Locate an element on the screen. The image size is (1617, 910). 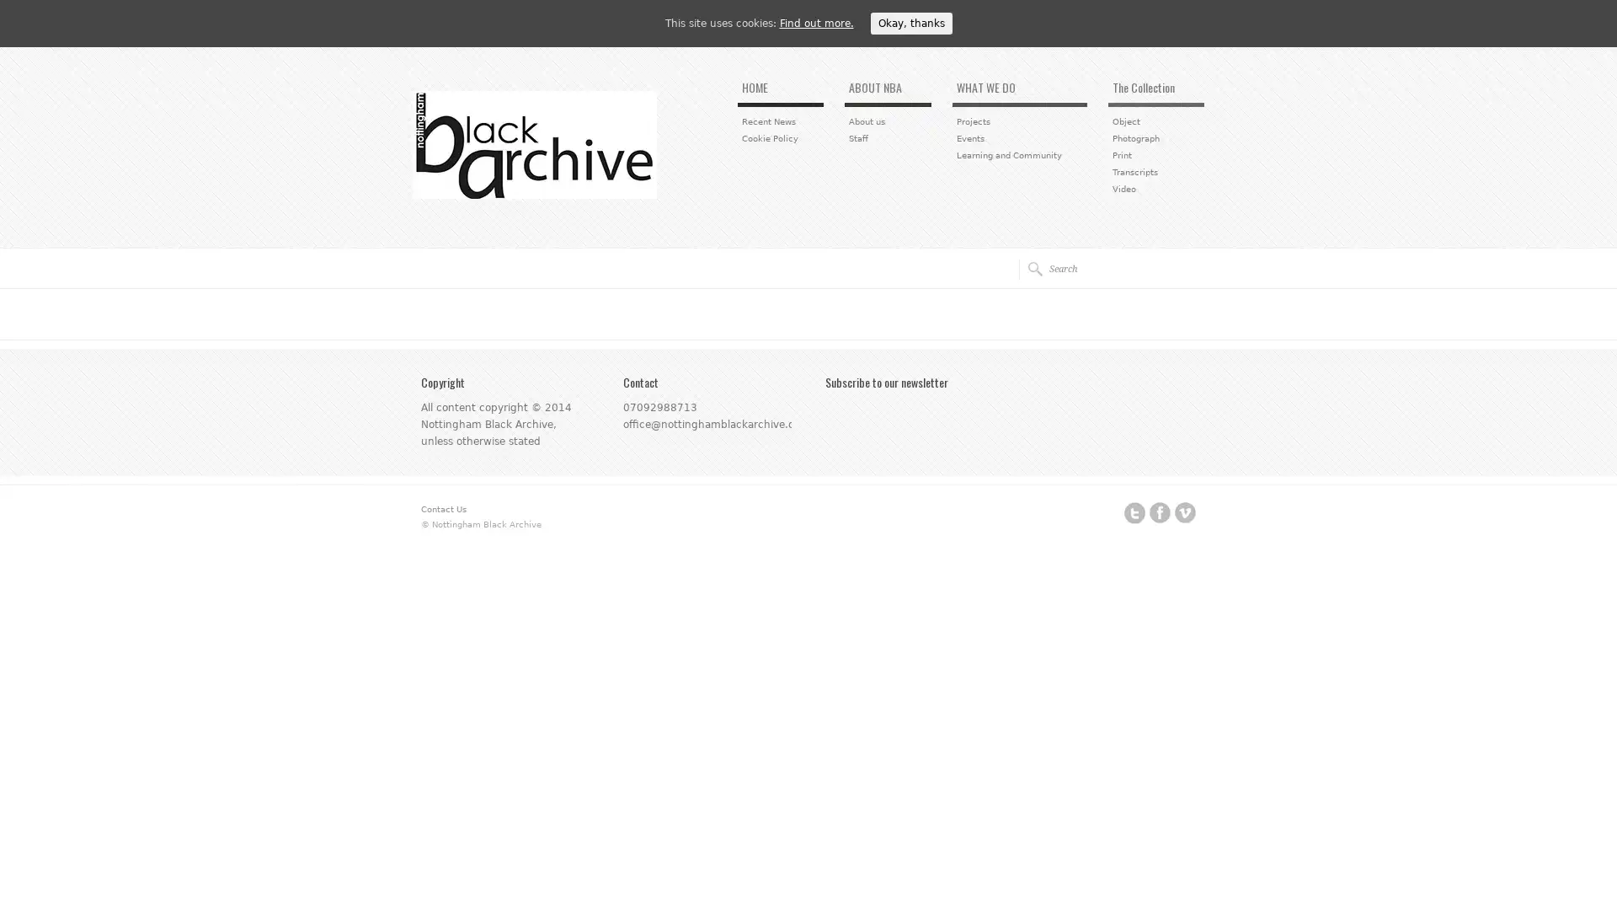
Okay, thanks is located at coordinates (910, 23).